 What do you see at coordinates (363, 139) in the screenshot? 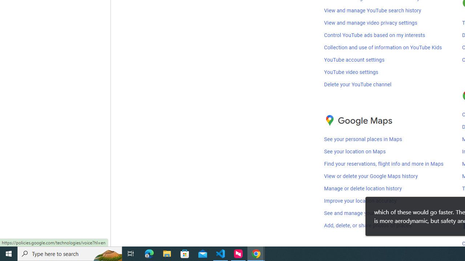
I see `'See your personal places in Maps'` at bounding box center [363, 139].